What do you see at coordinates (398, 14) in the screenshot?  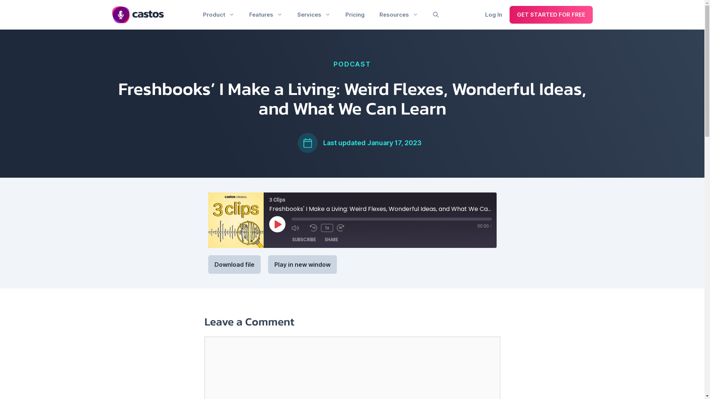 I see `'Resources'` at bounding box center [398, 14].